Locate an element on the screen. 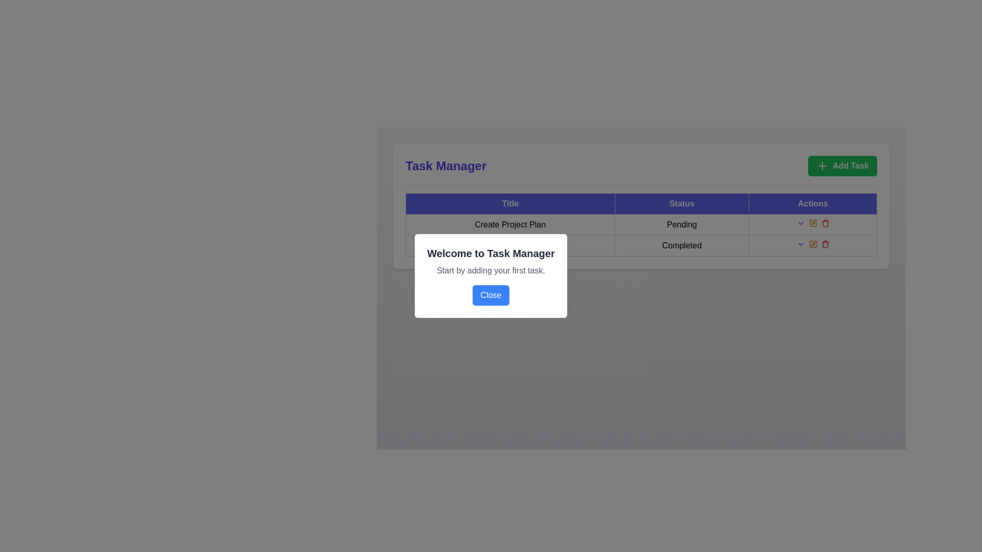  the static text label displaying the message 'Start by adding your first task.' located beneath the header 'Welcome to Task Manager.' is located at coordinates (491, 270).